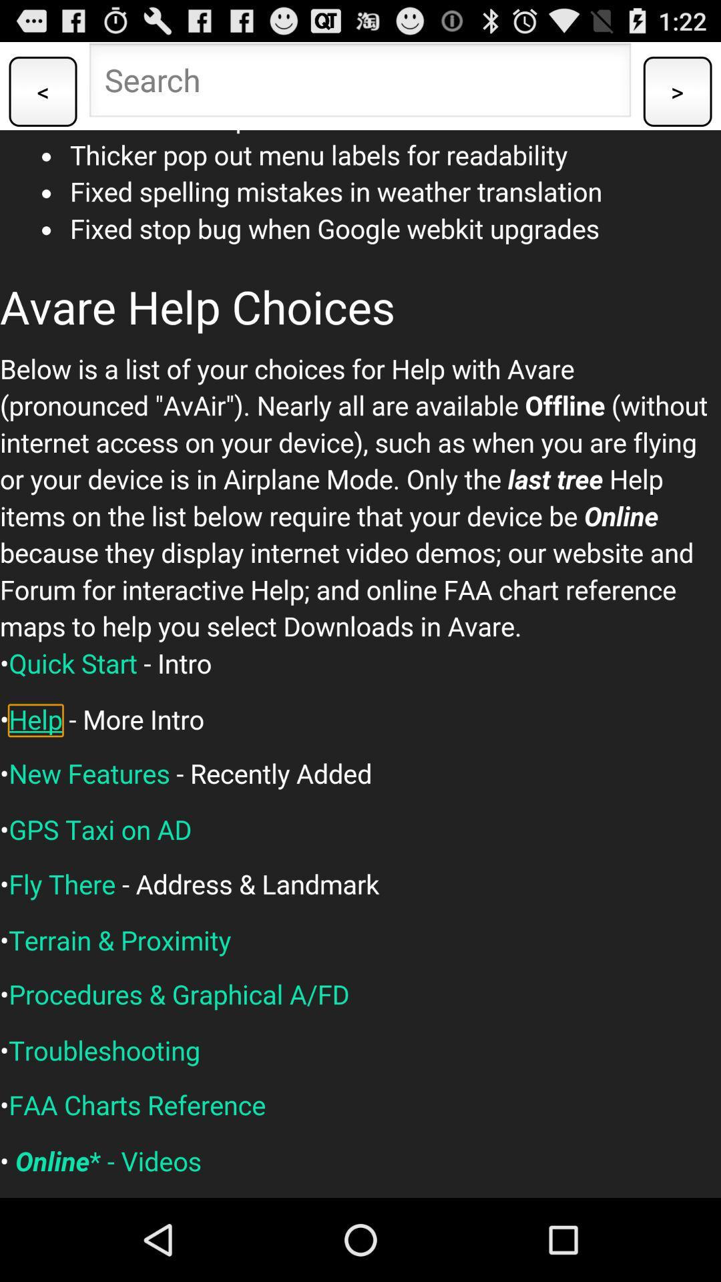 The height and width of the screenshot is (1282, 721). What do you see at coordinates (360, 664) in the screenshot?
I see `advertasment` at bounding box center [360, 664].